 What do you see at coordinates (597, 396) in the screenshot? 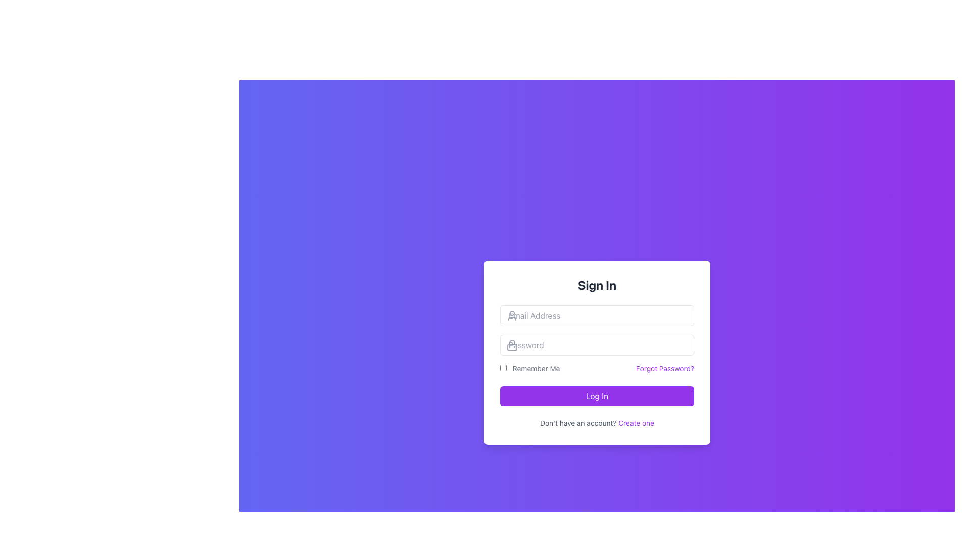
I see `the 'Log In' button with a purple gradient background to trigger its hover state and change its color` at bounding box center [597, 396].